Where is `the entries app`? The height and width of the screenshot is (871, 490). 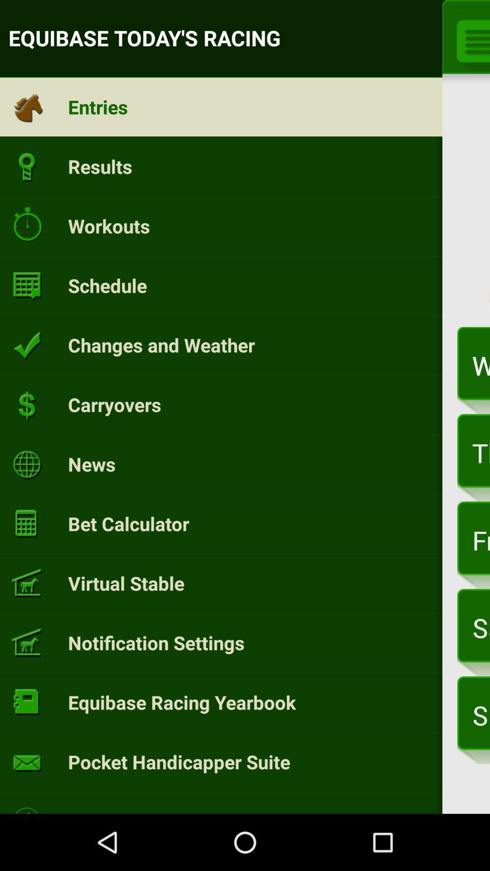
the entries app is located at coordinates (98, 107).